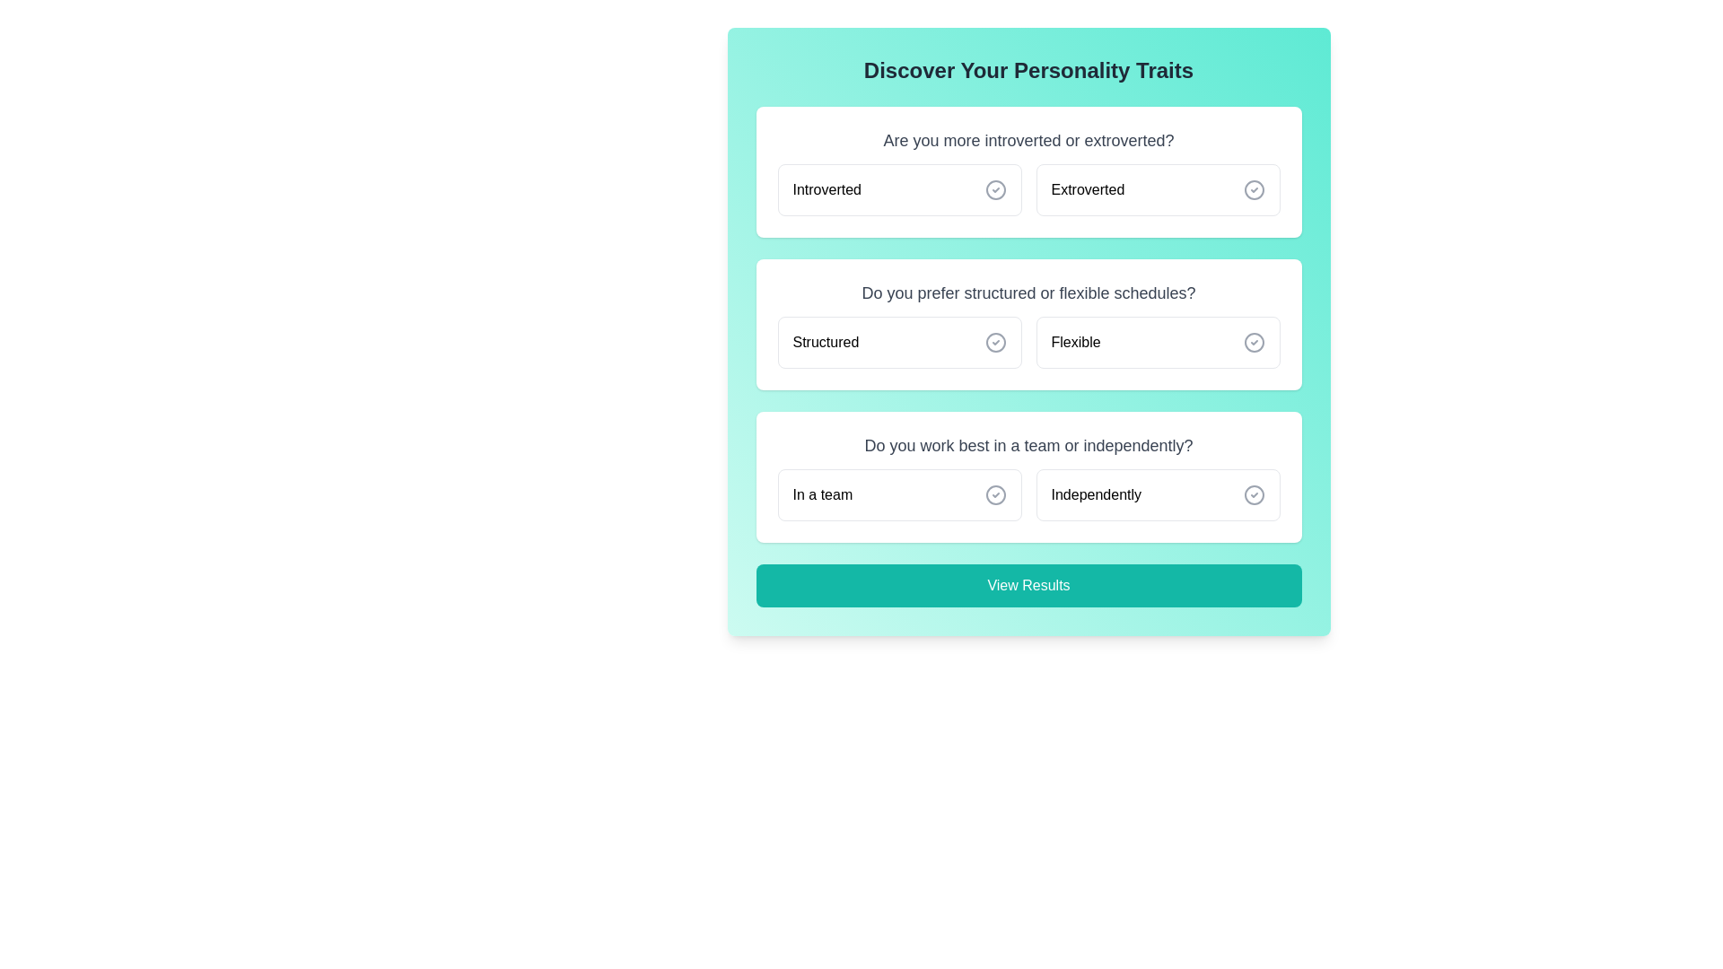 The width and height of the screenshot is (1723, 969). Describe the element at coordinates (1095, 494) in the screenshot. I see `text label representing the selection choice 'Independently' within the option group for the question about working preferences` at that location.